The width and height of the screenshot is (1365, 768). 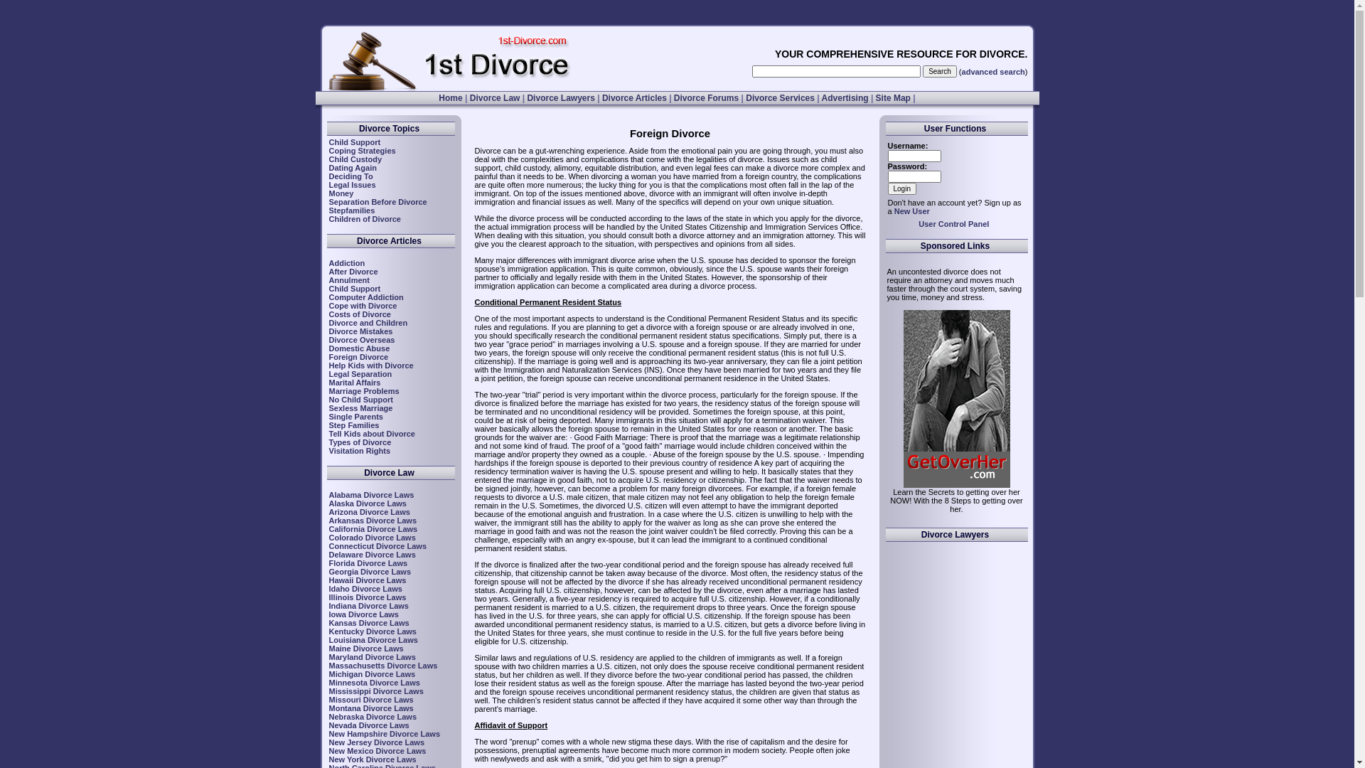 What do you see at coordinates (992, 71) in the screenshot?
I see `'advanced search'` at bounding box center [992, 71].